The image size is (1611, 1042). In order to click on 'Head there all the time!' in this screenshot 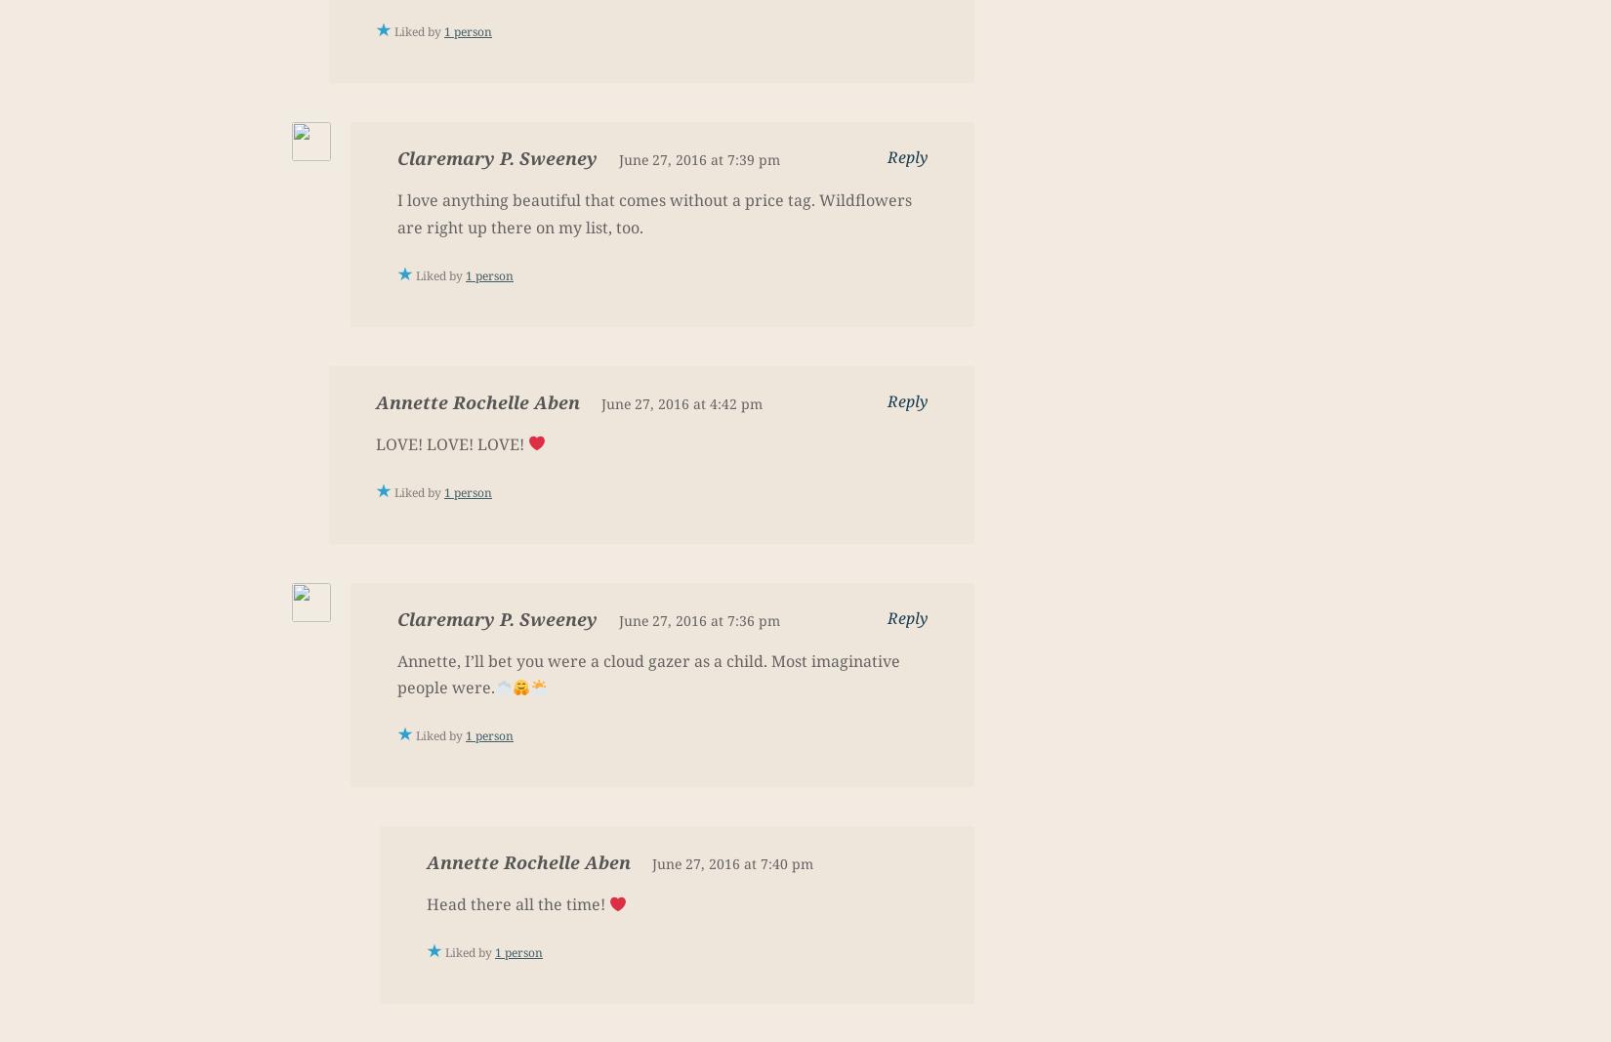, I will do `click(516, 904)`.